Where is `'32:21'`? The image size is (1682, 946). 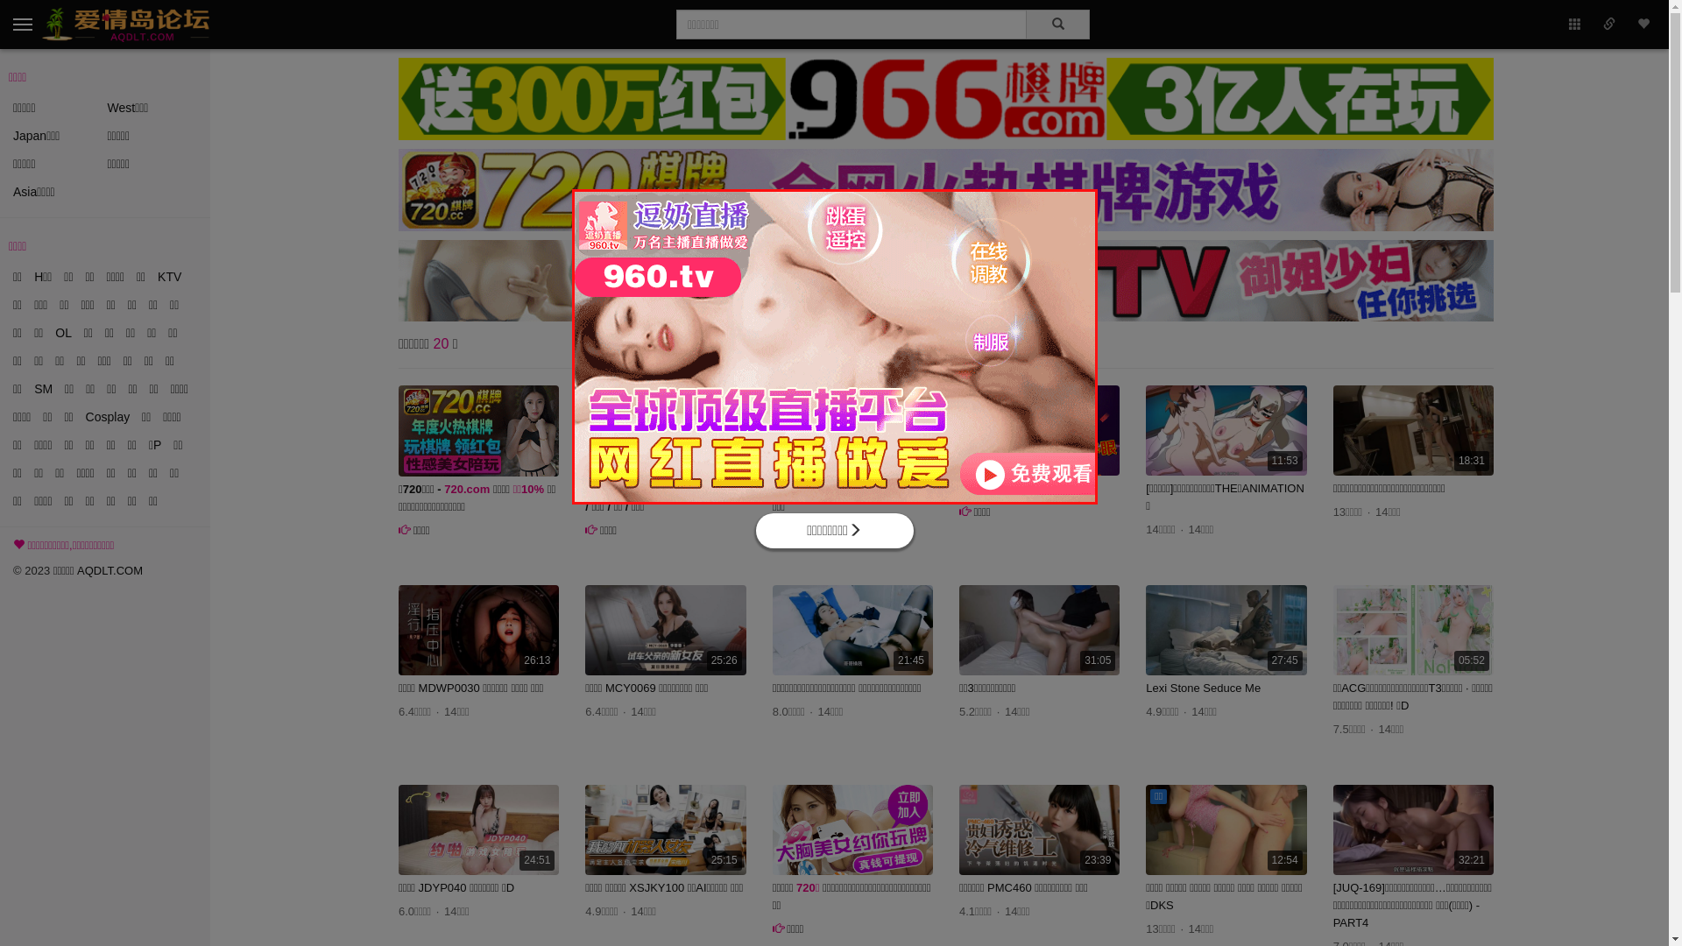
'32:21' is located at coordinates (1413, 829).